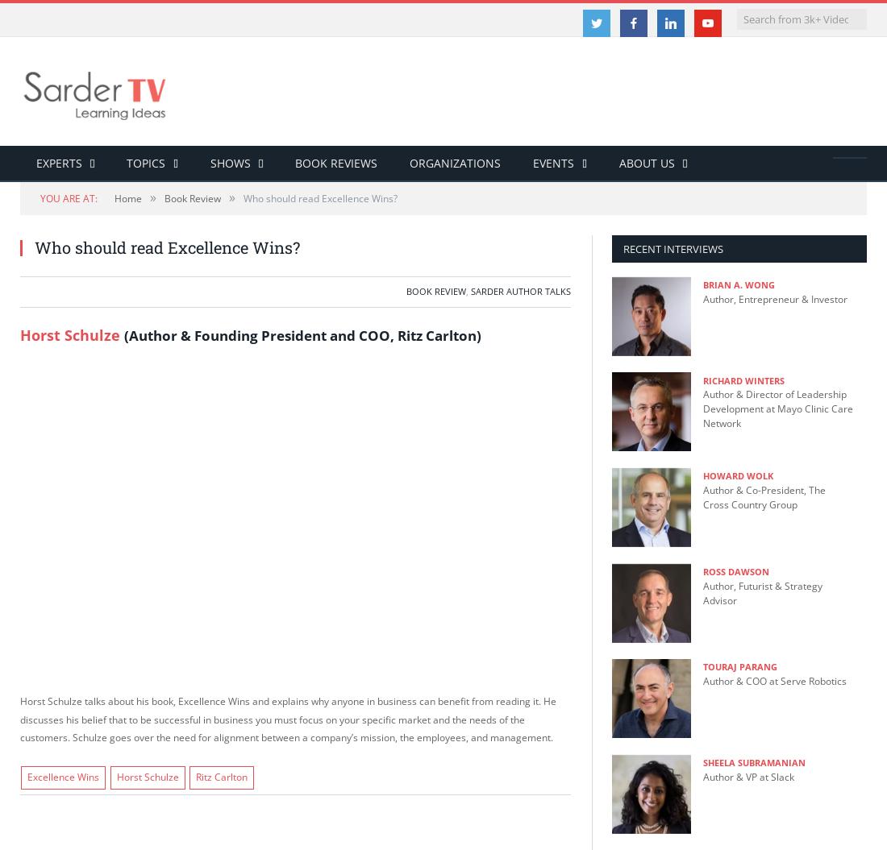  I want to click on '(Author & Founding President and COO, Ritz Carlton)', so click(302, 334).